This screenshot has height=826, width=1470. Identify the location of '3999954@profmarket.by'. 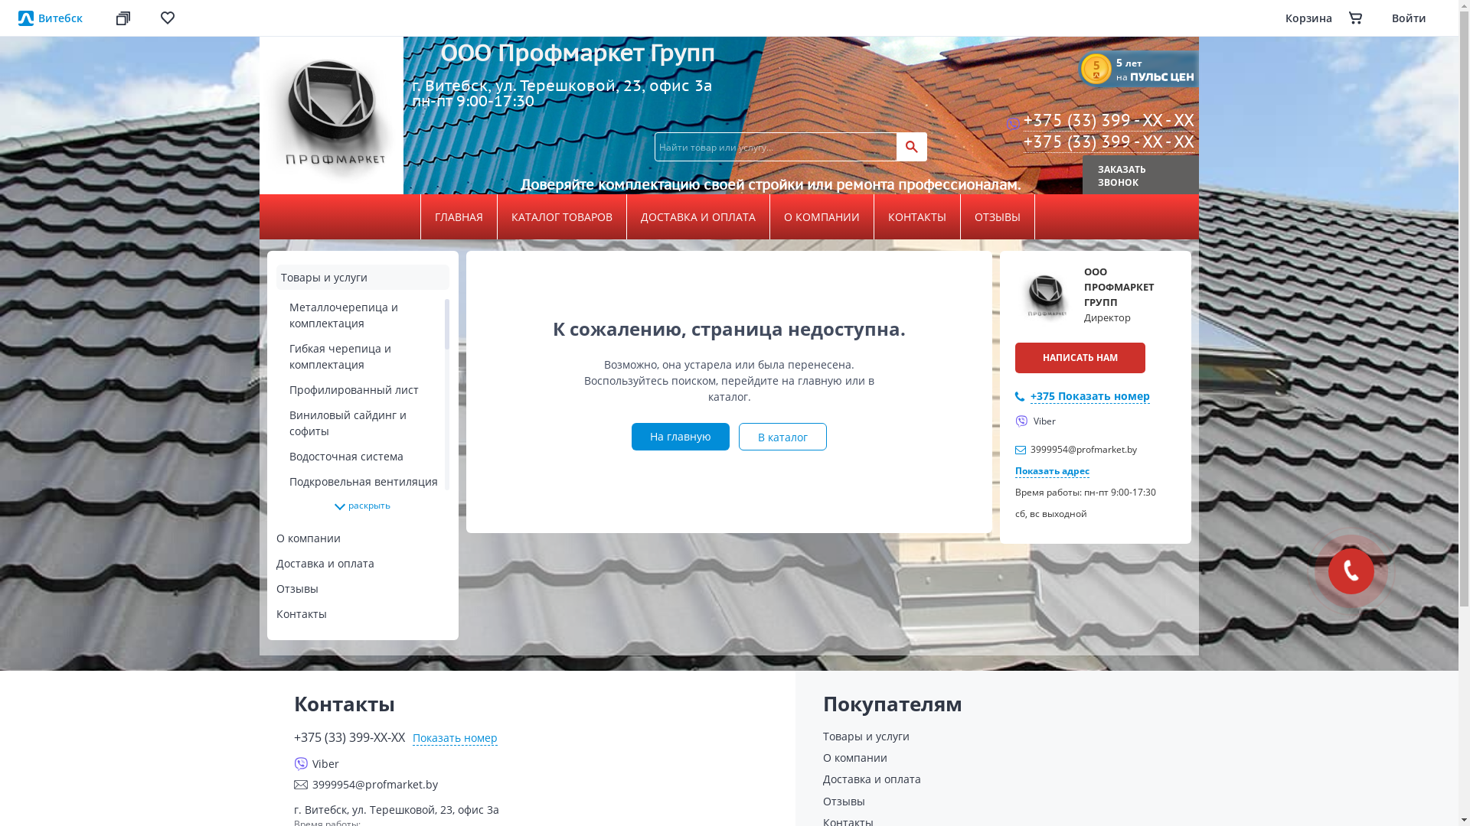
(1083, 448).